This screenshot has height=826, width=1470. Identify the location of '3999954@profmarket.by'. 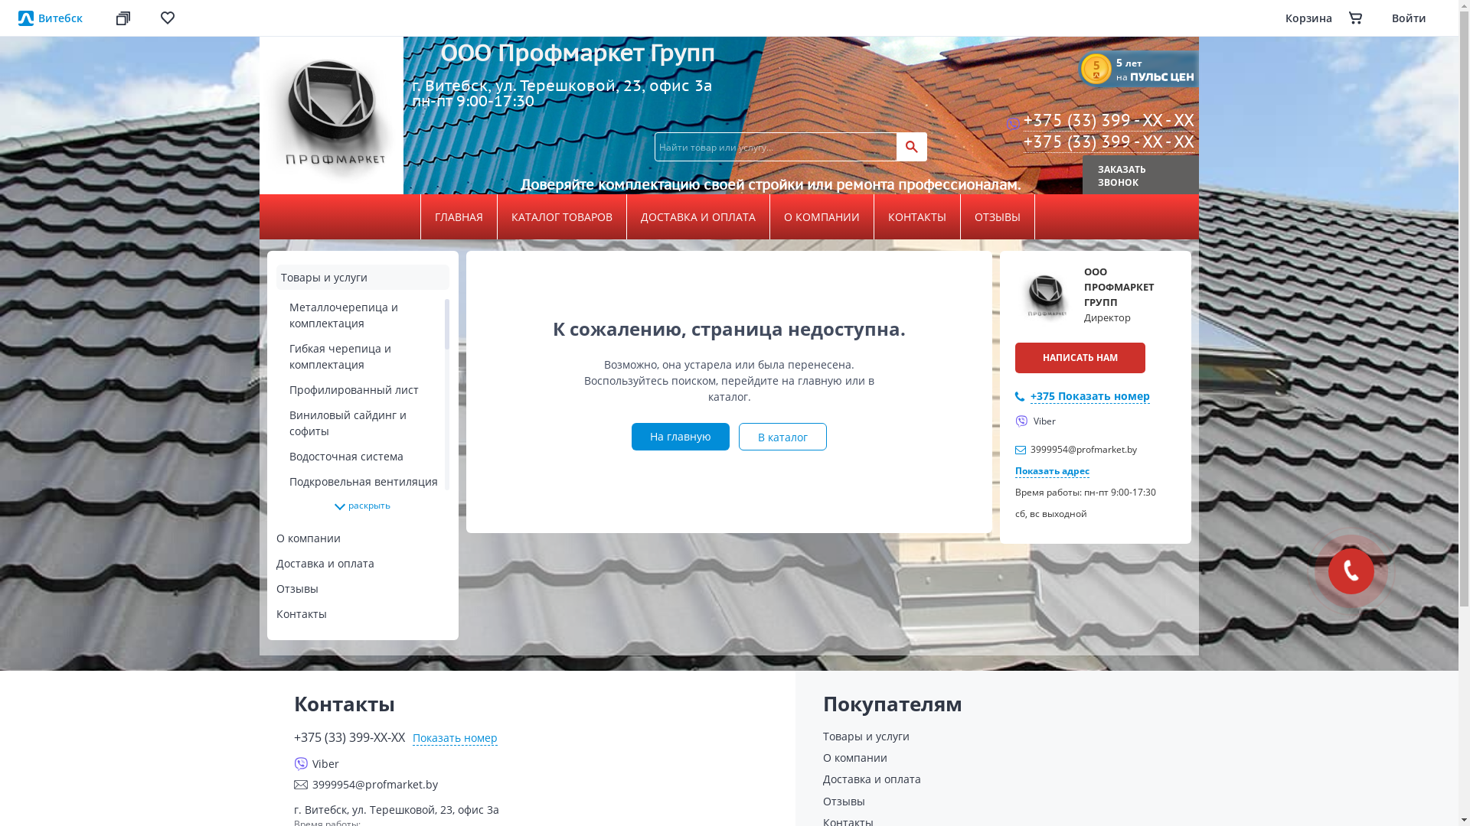
(1083, 448).